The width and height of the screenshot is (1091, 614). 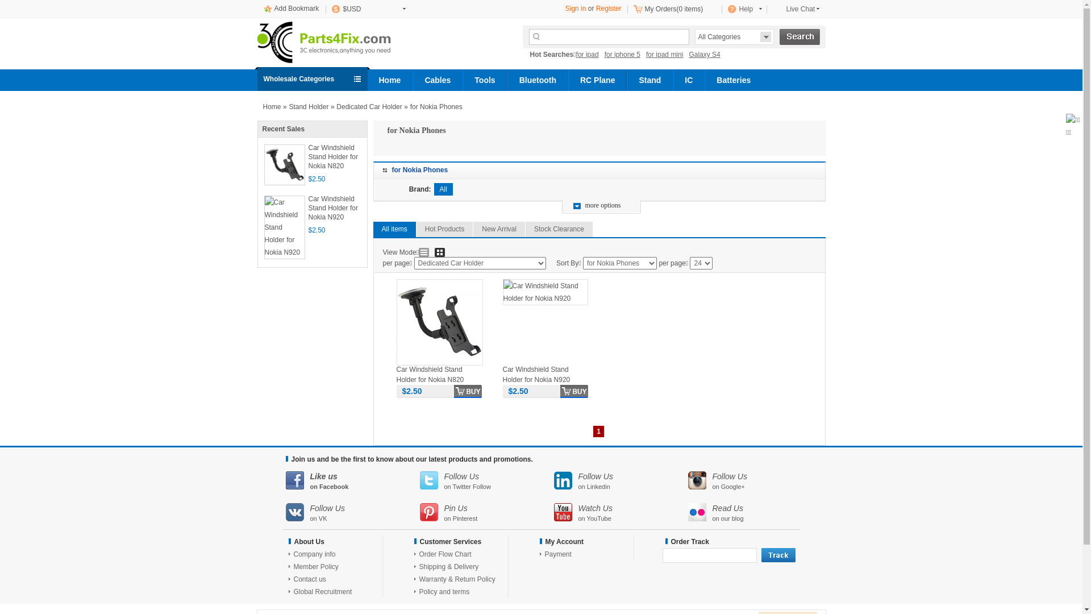 What do you see at coordinates (674, 9) in the screenshot?
I see `'My Orders(0 items)'` at bounding box center [674, 9].